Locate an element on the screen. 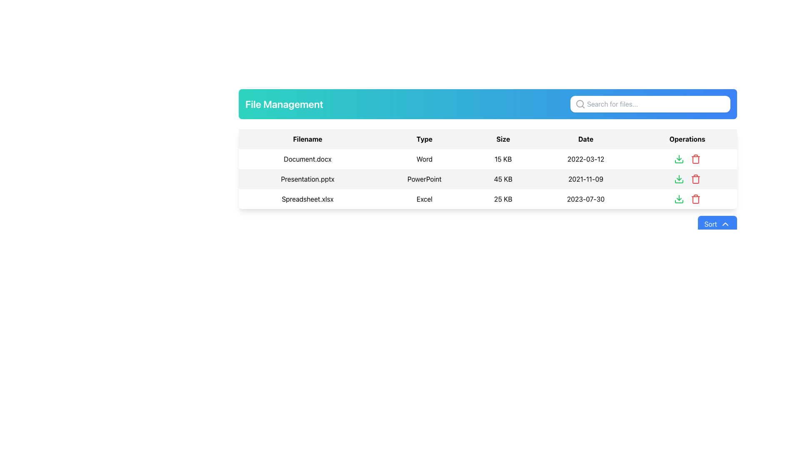  the interactive icons within the 'Operations' column for the file 'Spreadsheet.xlsx' to perform further actions such as downloading or deleting is located at coordinates (687, 199).